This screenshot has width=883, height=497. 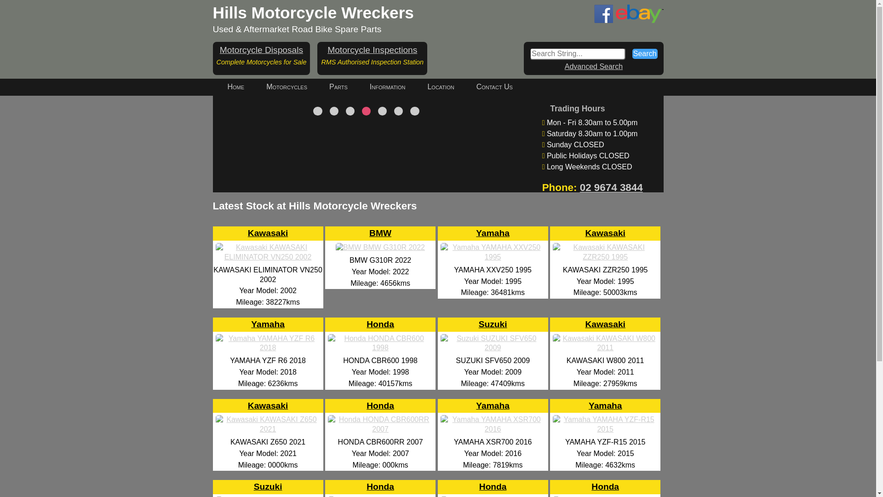 What do you see at coordinates (267, 257) in the screenshot?
I see `'Kawasaki KAWASAKI  ELIMINATOR  VN250  2002'` at bounding box center [267, 257].